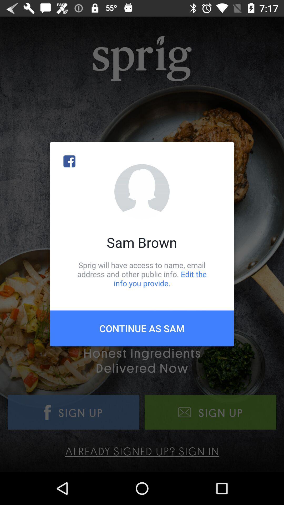 The width and height of the screenshot is (284, 505). Describe the element at coordinates (142, 328) in the screenshot. I see `continue as sam` at that location.